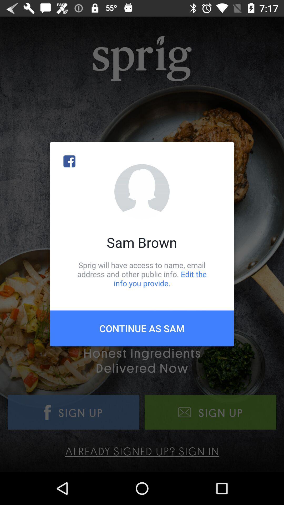 The width and height of the screenshot is (284, 505). Describe the element at coordinates (142, 328) in the screenshot. I see `continue as sam` at that location.